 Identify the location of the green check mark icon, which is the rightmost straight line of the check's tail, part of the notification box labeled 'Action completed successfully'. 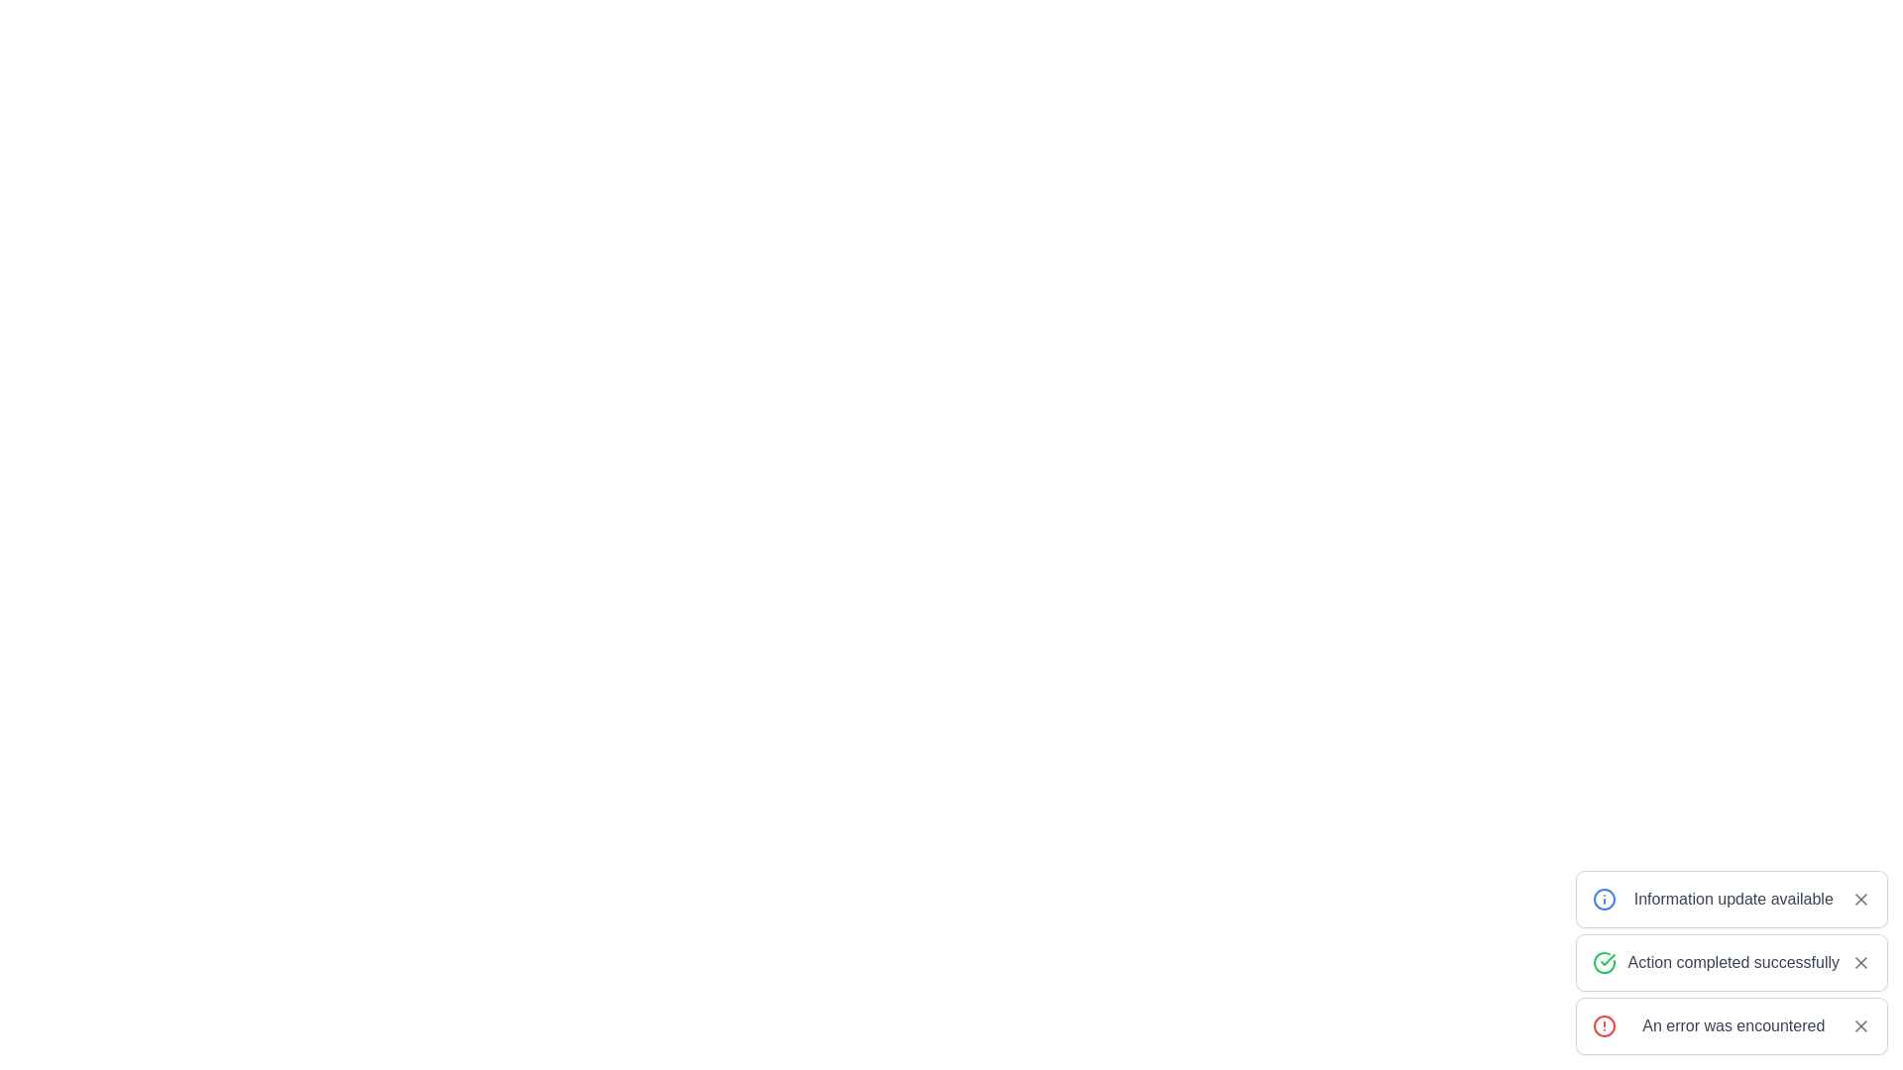
(1608, 958).